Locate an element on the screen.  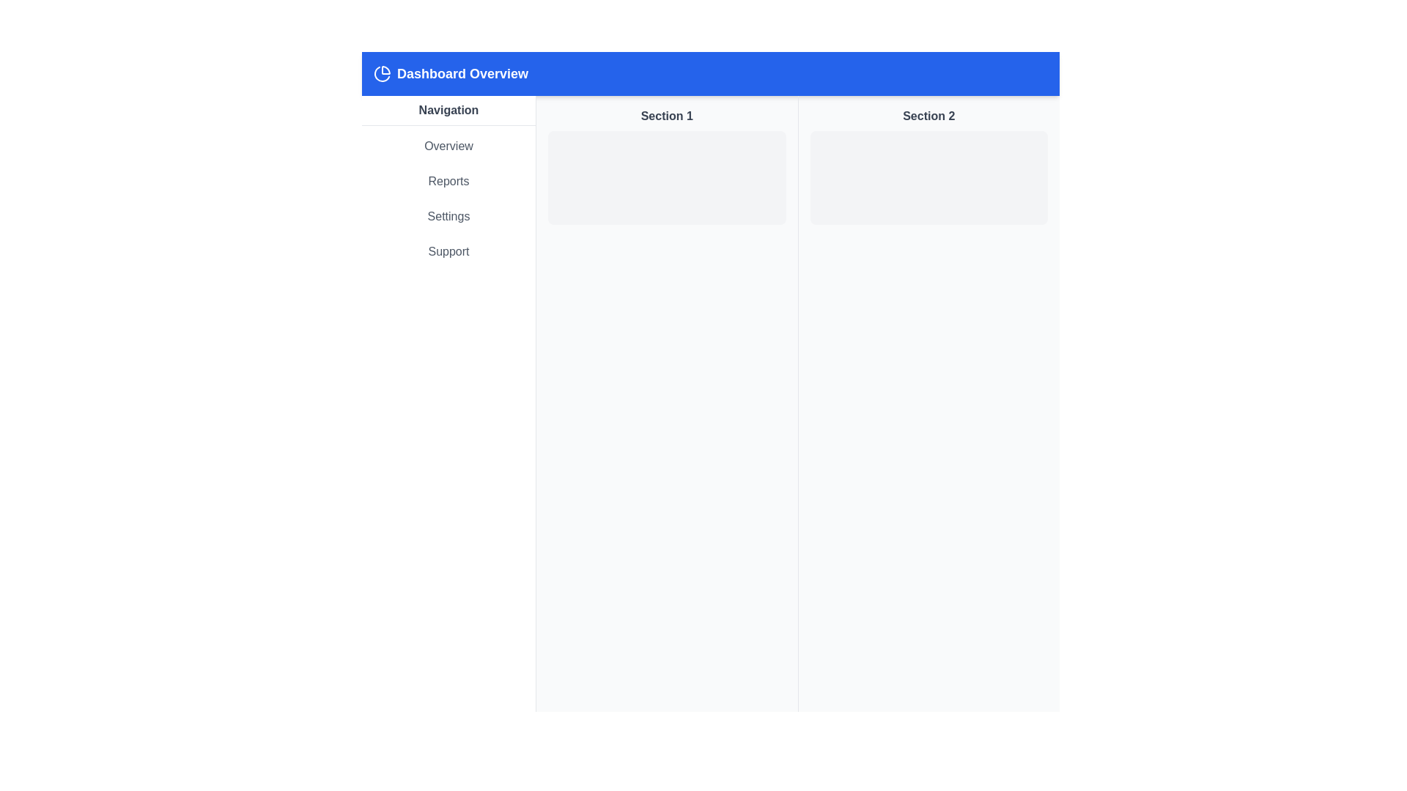
the second segment of the pie chart icon located at the top-left corner of the header section is located at coordinates (382, 74).